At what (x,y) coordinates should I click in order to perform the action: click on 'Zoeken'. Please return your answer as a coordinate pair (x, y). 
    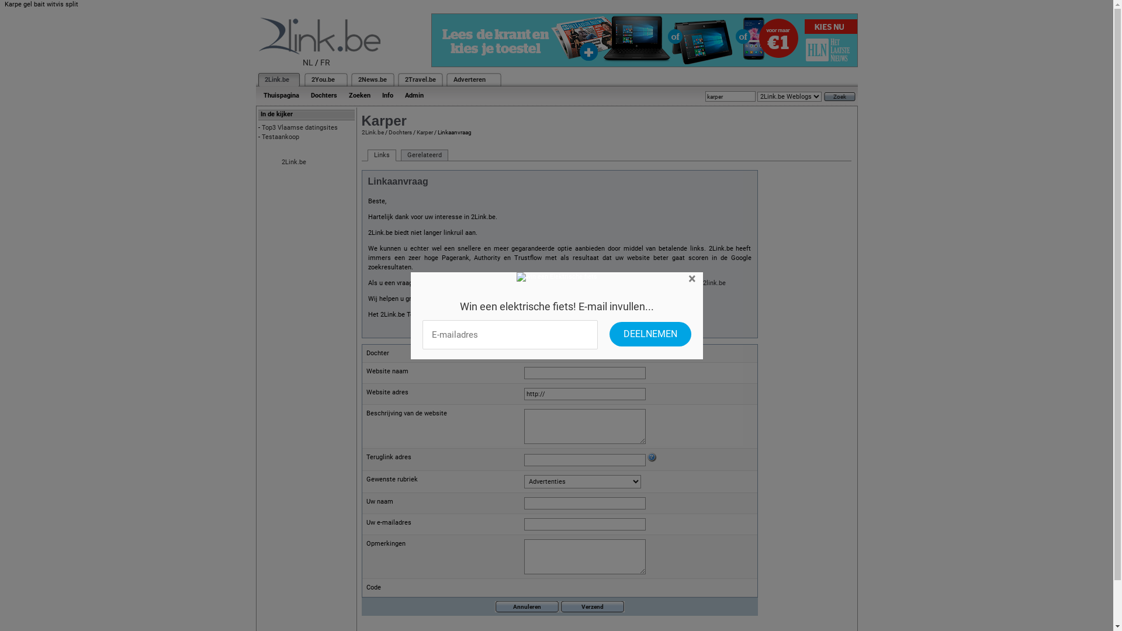
    Looking at the image, I should click on (358, 95).